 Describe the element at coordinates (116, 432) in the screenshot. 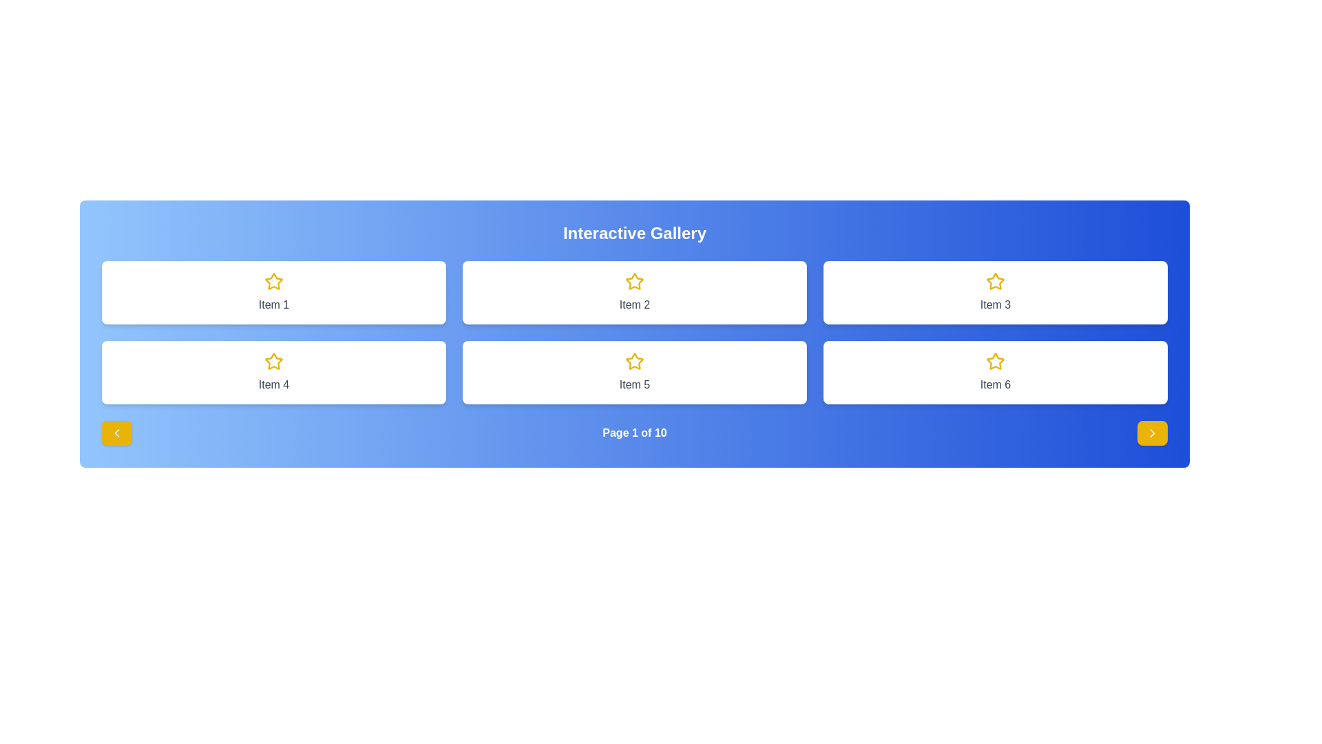

I see `the navigation control icon within the button located at the bottom-left corner of the user interface` at that location.